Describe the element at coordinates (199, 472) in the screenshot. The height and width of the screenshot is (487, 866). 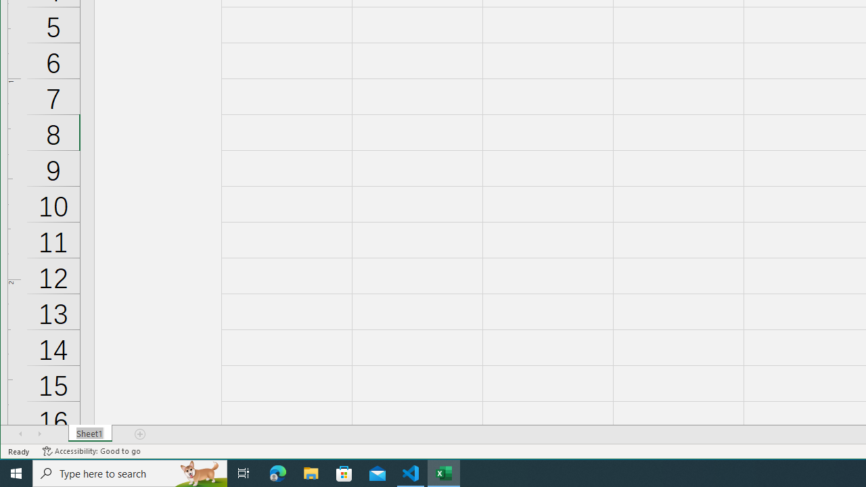
I see `'Search highlights icon opens search home window'` at that location.